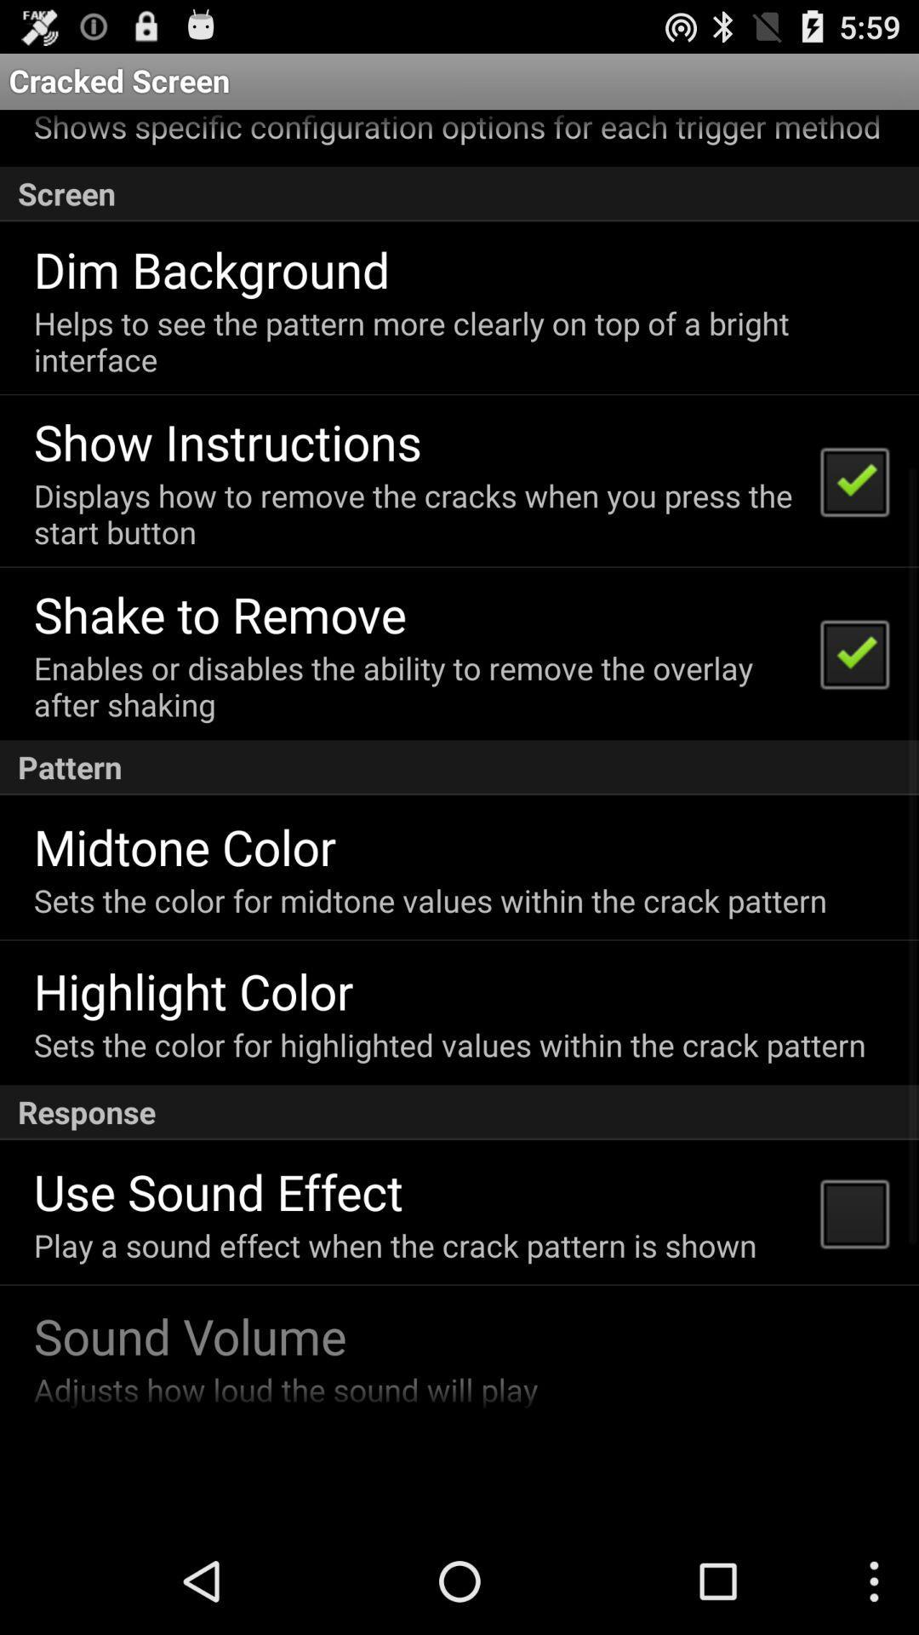 Image resolution: width=919 pixels, height=1635 pixels. Describe the element at coordinates (457, 341) in the screenshot. I see `the icon below the dim background item` at that location.